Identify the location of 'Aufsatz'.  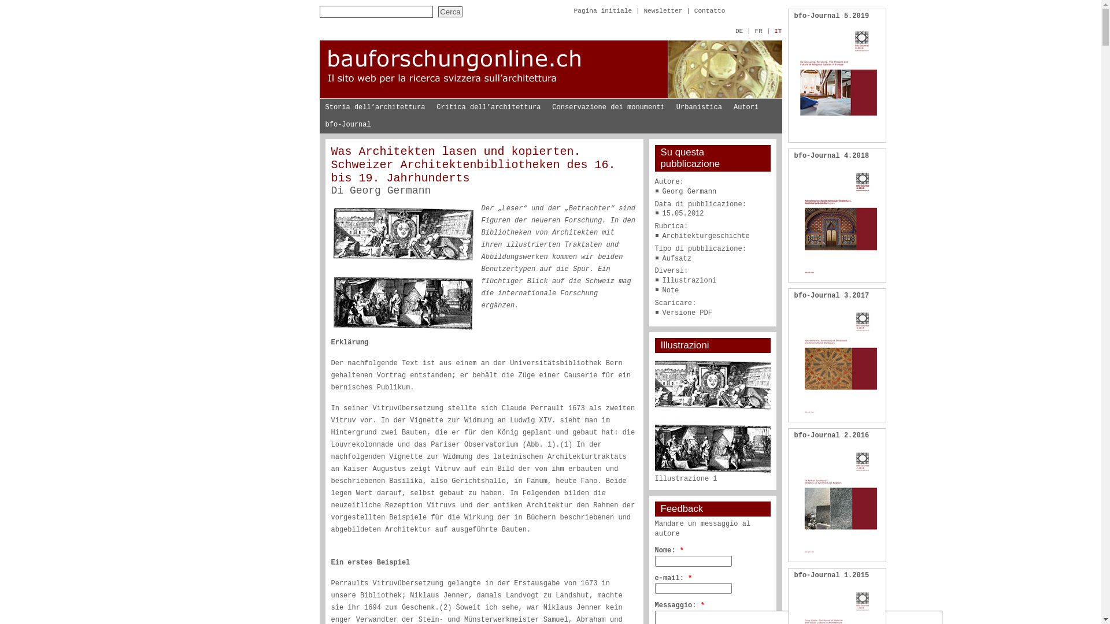
(677, 258).